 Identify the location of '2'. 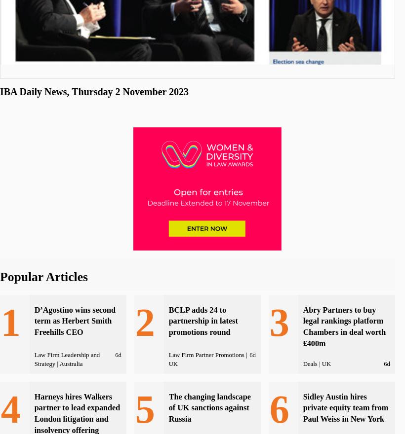
(134, 322).